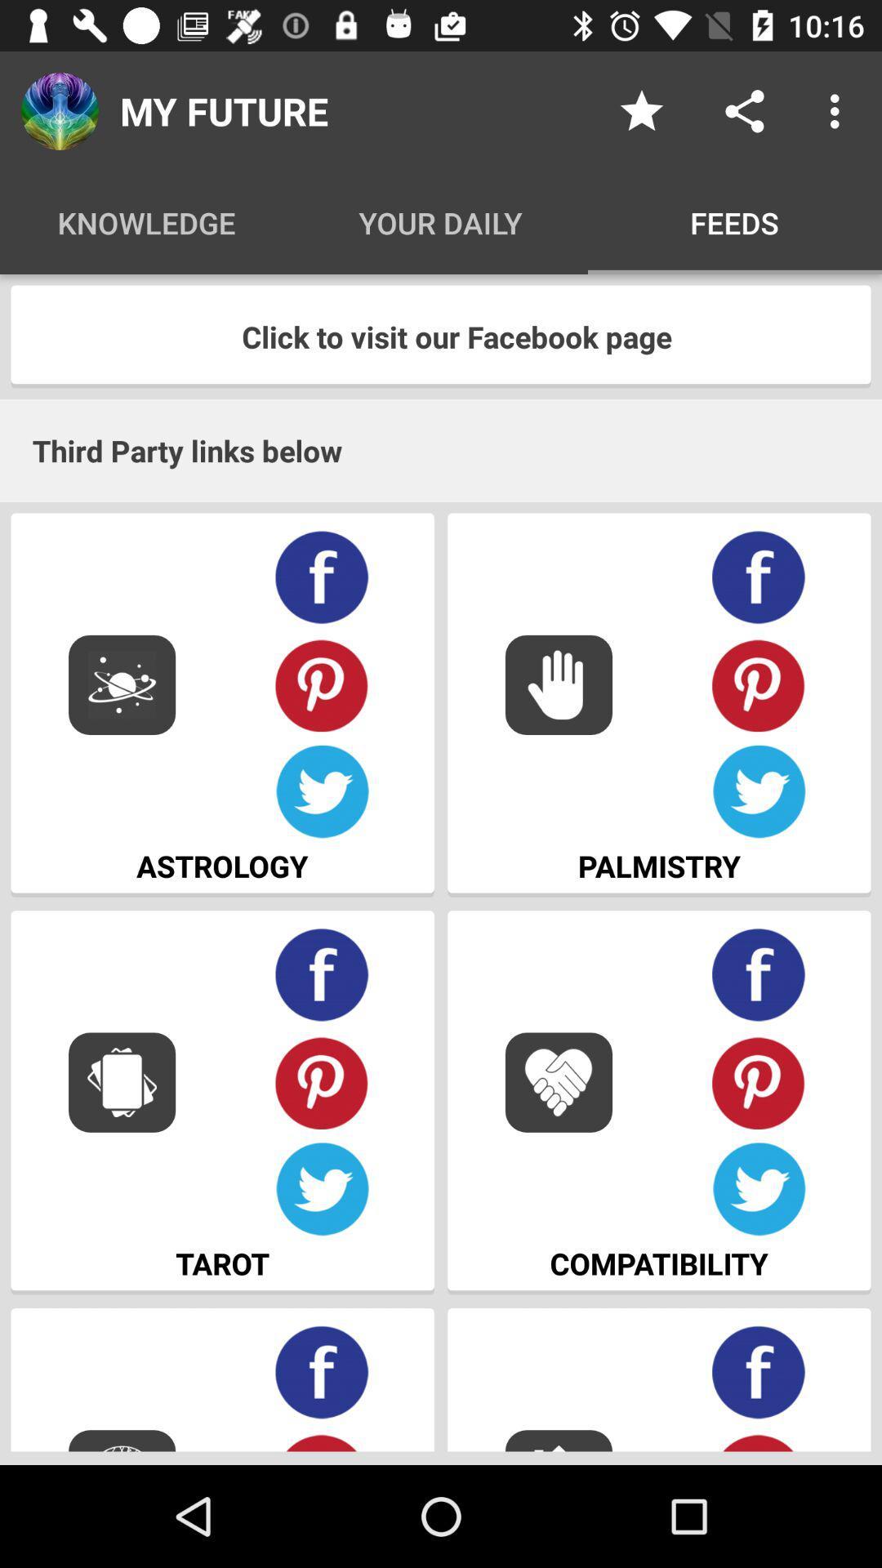 The height and width of the screenshot is (1568, 882). I want to click on find on facebook, so click(322, 1372).